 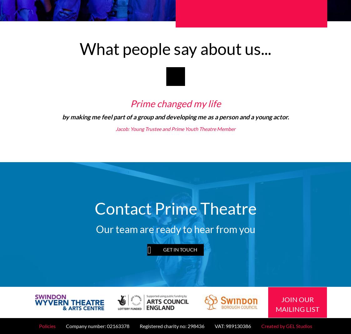 I want to click on 'Our team are ready to hear from you', so click(x=175, y=229).